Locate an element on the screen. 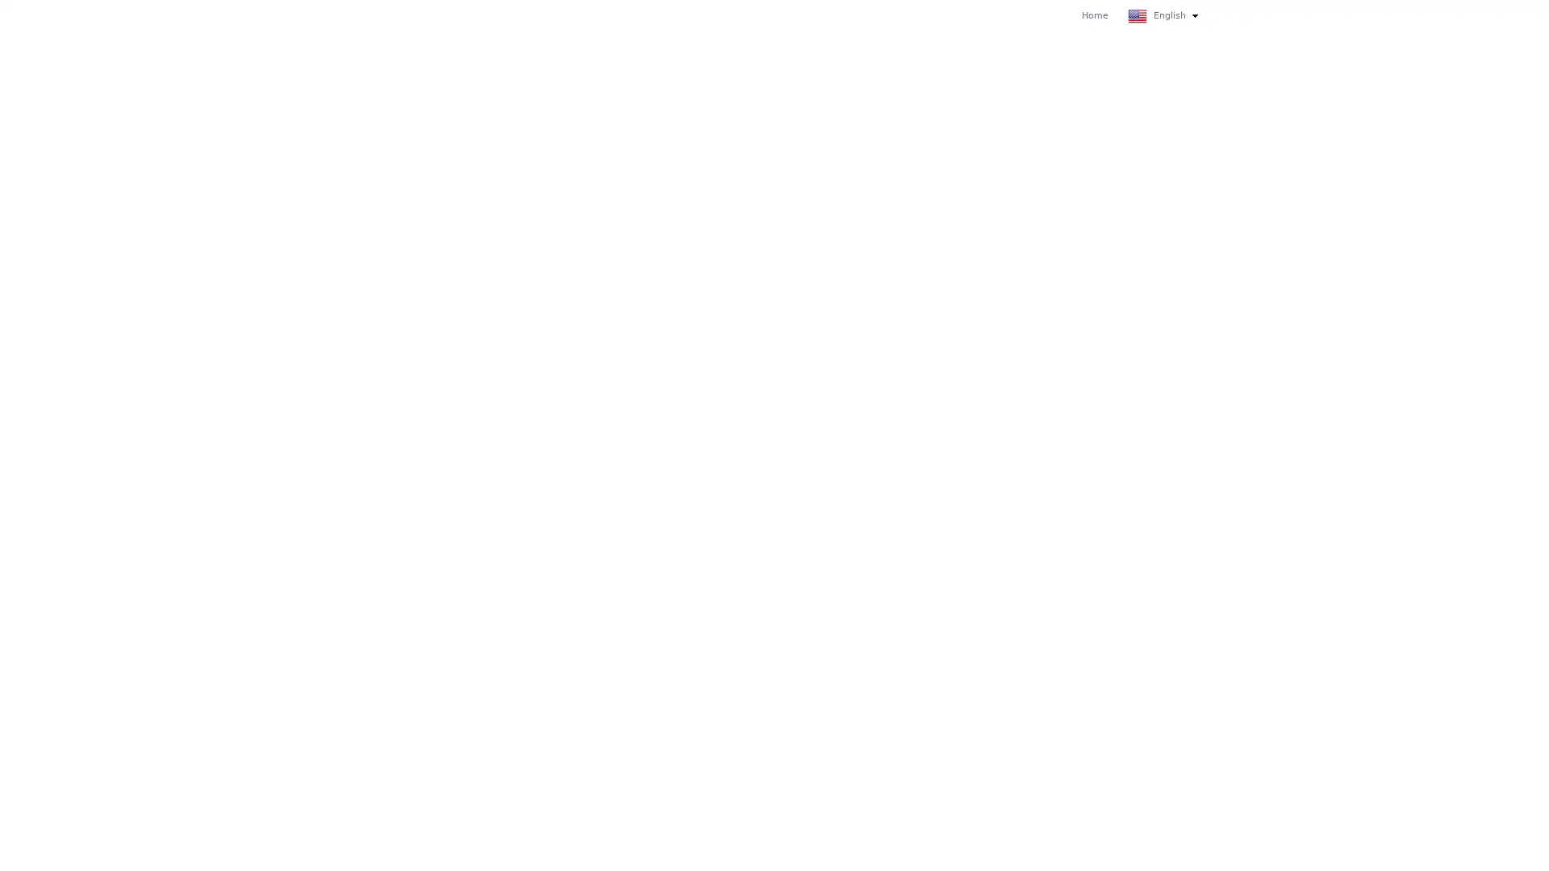 The height and width of the screenshot is (871, 1549). ,By logging in, I accept the AAdvantage terms and conditions. is located at coordinates (461, 486).